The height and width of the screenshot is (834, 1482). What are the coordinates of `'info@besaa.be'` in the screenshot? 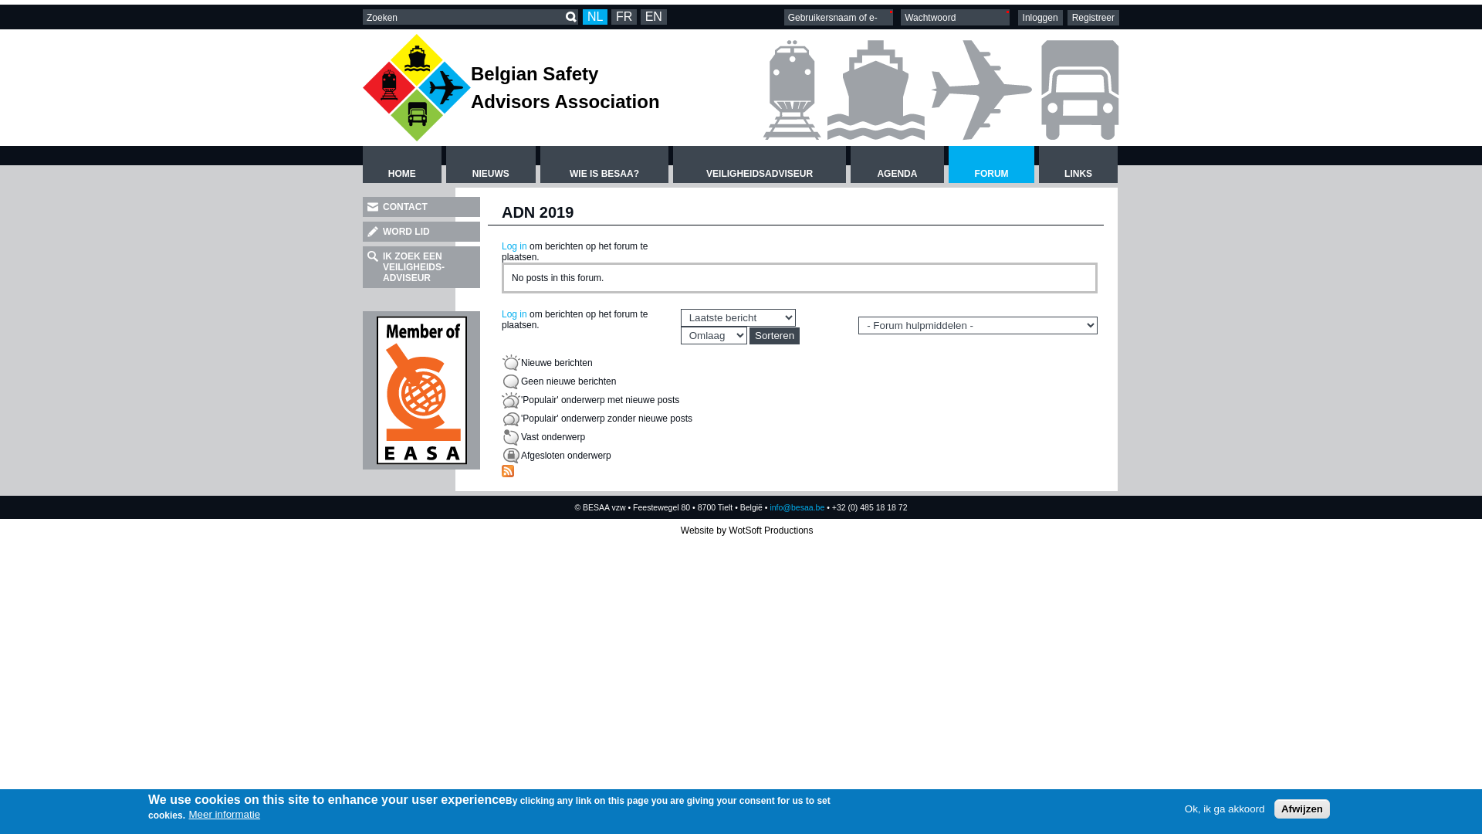 It's located at (797, 507).